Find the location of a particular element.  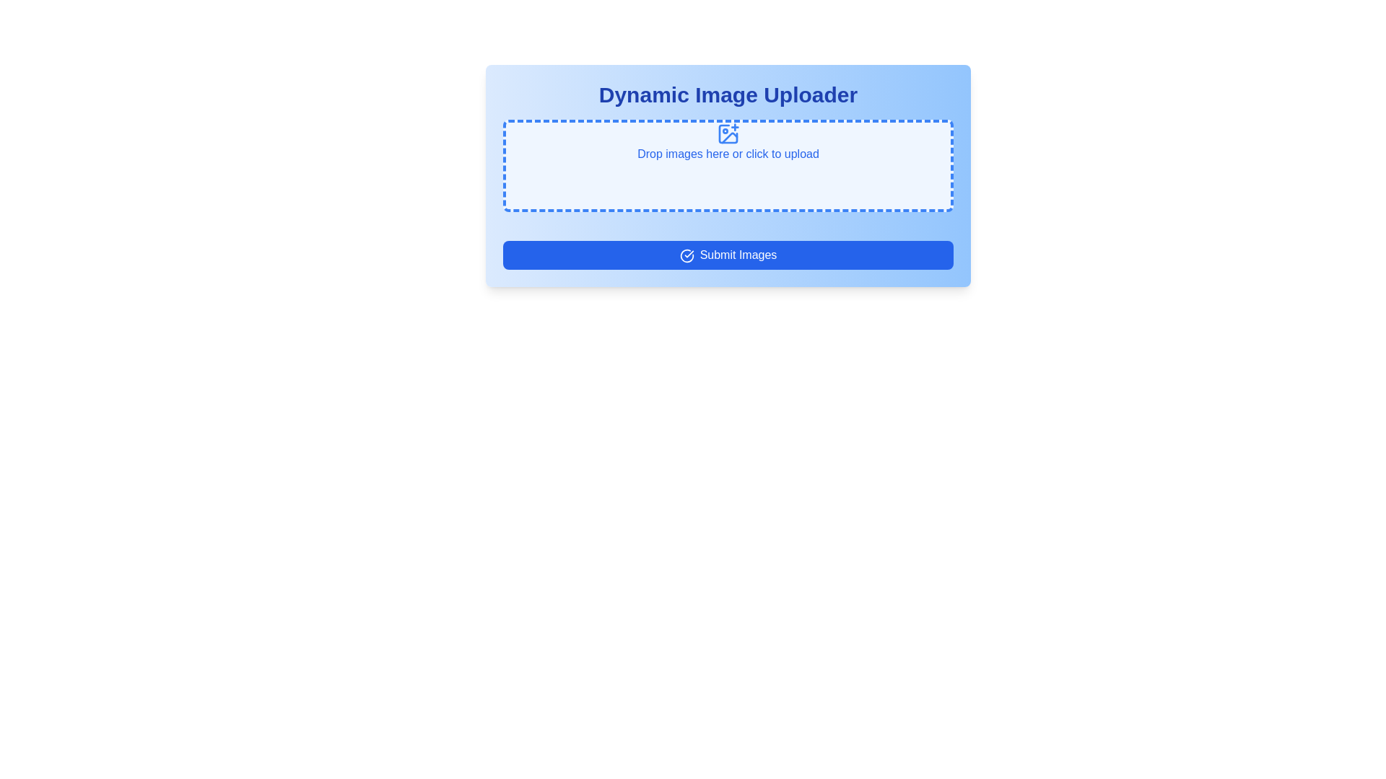

the icon indicating the submission functionality, located on the left-hand side of the 'Submit Images' button at the bottom of the form is located at coordinates (686, 255).